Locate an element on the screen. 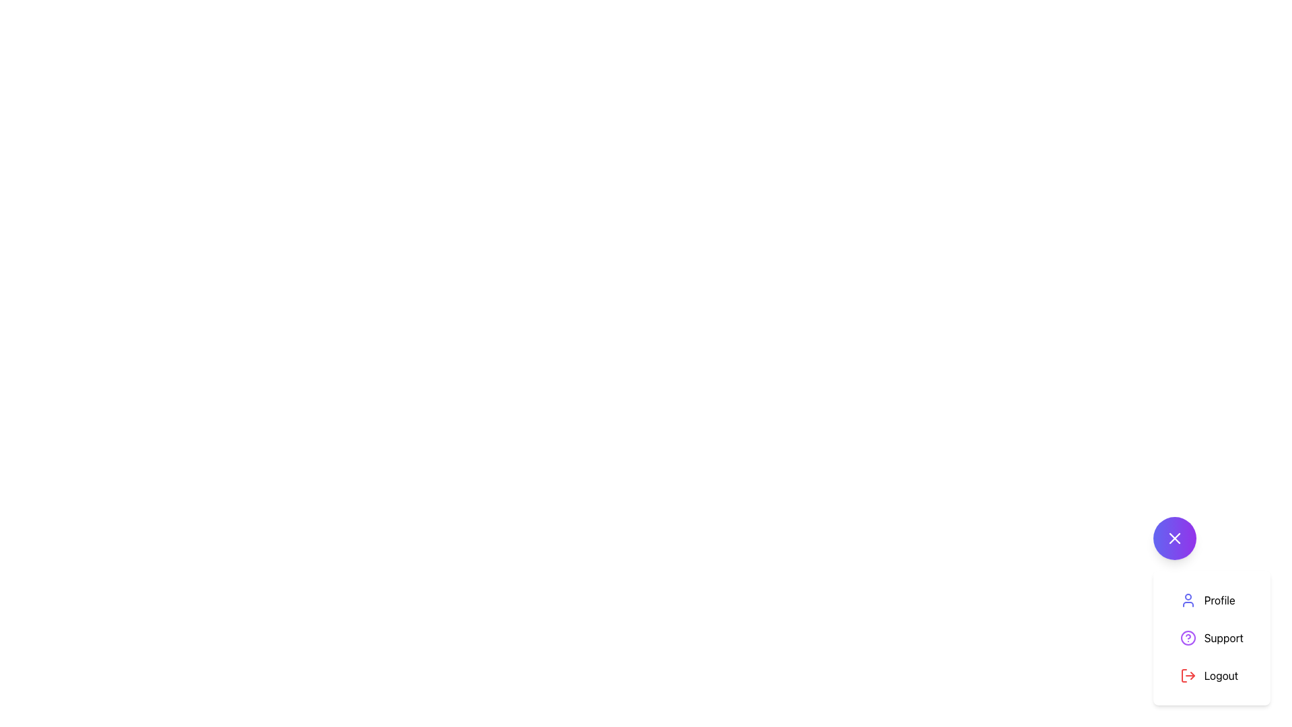 The image size is (1292, 727). the center of the diagonal cross icon within the circular button that has a purple gradient background is located at coordinates (1174, 537).